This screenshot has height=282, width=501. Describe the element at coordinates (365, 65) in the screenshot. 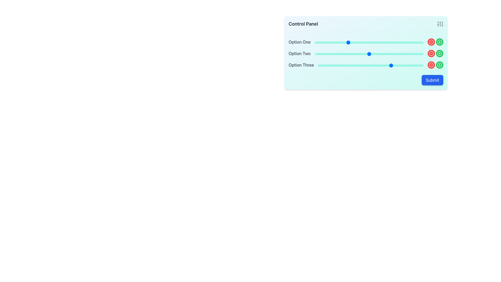

I see `the slider value` at that location.